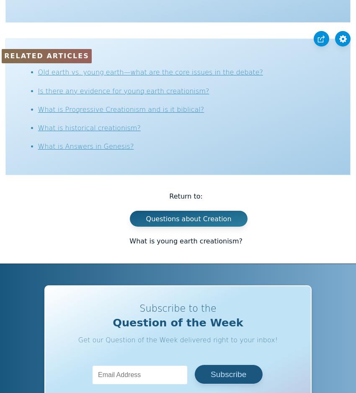 The height and width of the screenshot is (393, 356). What do you see at coordinates (120, 109) in the screenshot?
I see `'What is Progressive Creationism and is it biblical?'` at bounding box center [120, 109].